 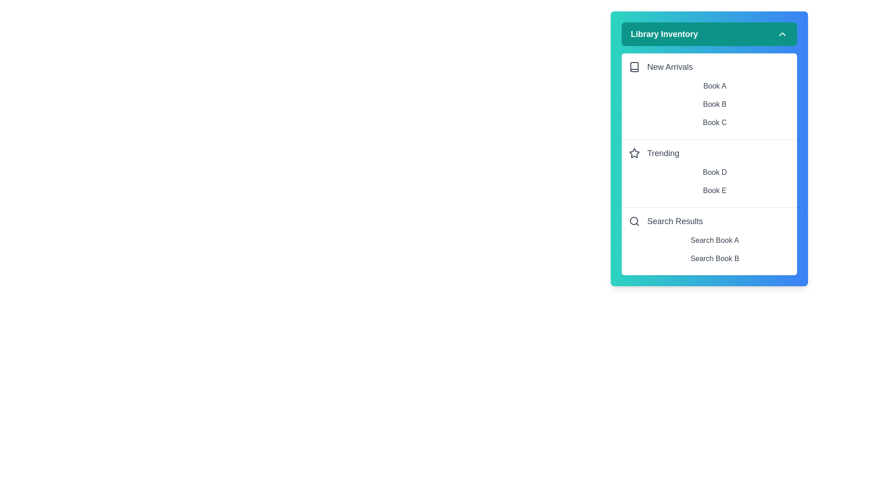 I want to click on the icon next to New Arrivals to interact with it, so click(x=634, y=66).